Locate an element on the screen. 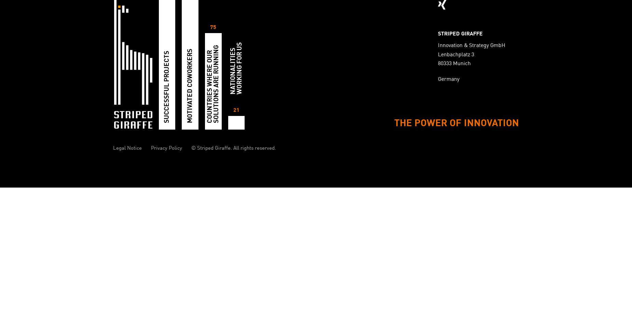 The image size is (632, 325). 'STRIPED GIRAFFE' is located at coordinates (460, 33).